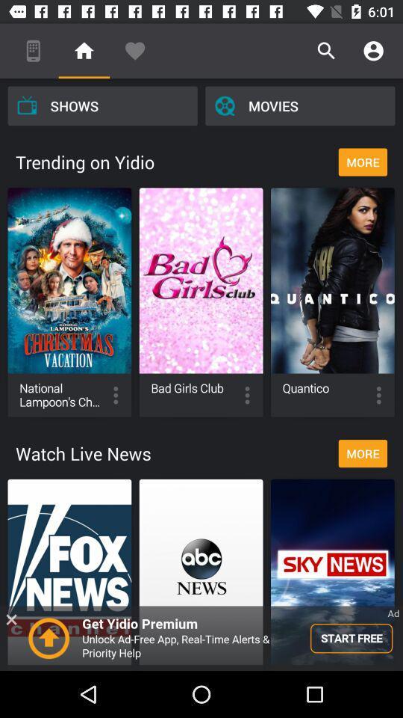  What do you see at coordinates (101, 105) in the screenshot?
I see `the icon above trending on yidio` at bounding box center [101, 105].